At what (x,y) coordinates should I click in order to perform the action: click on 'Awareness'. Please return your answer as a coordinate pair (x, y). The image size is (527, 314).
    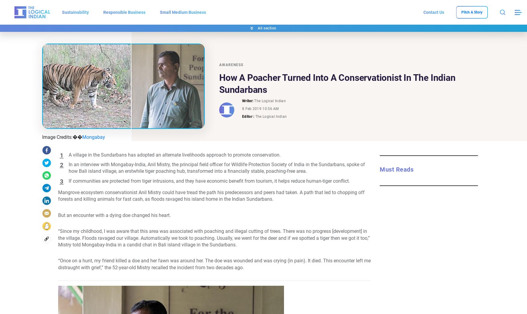
    Looking at the image, I should click on (231, 64).